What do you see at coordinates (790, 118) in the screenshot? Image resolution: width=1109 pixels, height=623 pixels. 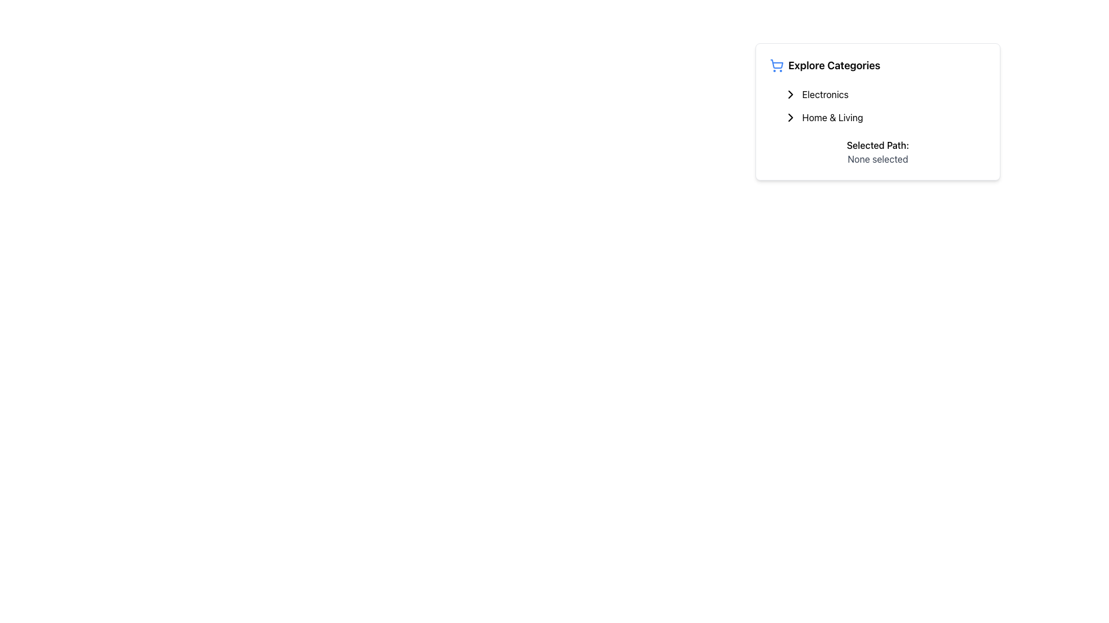 I see `the rightward-pointing chevron icon located to the immediate left of the 'Home & Living' text` at bounding box center [790, 118].